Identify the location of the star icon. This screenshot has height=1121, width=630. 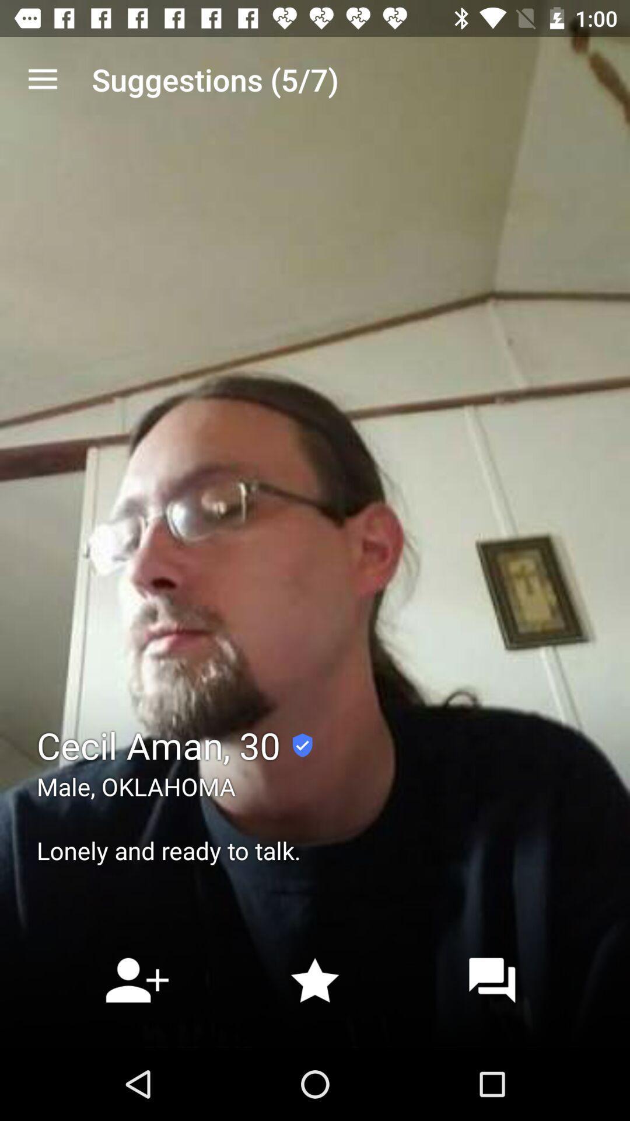
(314, 980).